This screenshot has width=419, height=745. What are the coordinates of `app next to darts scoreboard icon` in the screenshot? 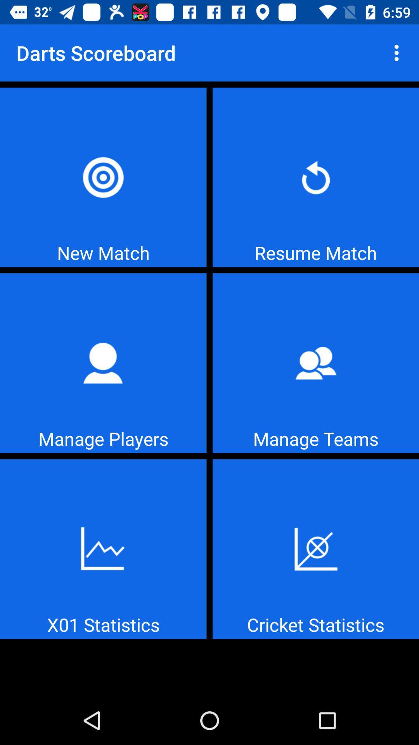 It's located at (398, 52).